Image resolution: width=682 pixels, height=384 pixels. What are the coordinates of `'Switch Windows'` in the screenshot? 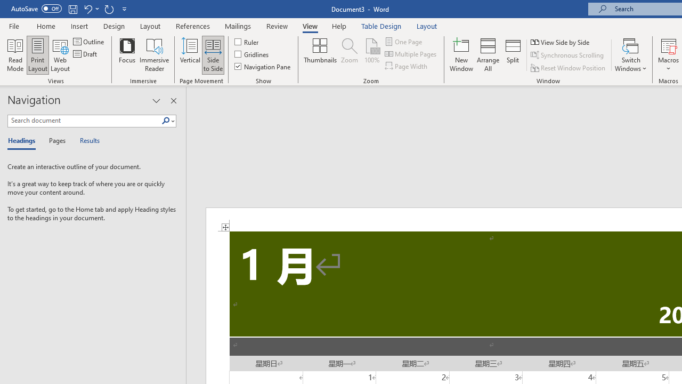 It's located at (631, 55).